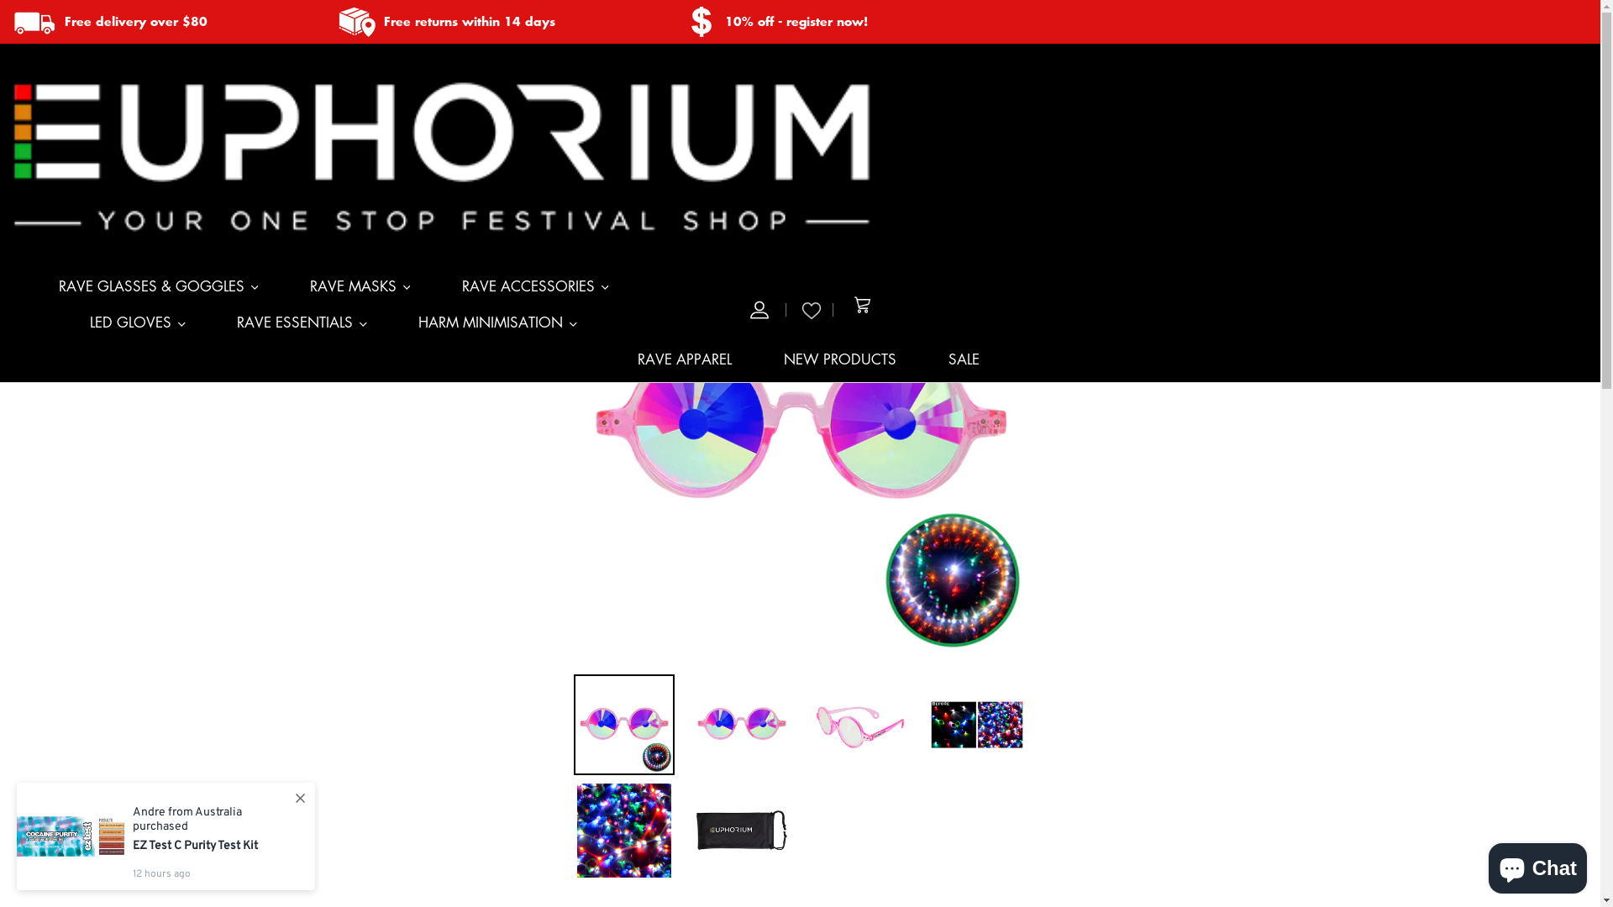  Describe the element at coordinates (863, 309) in the screenshot. I see `'Cart'` at that location.